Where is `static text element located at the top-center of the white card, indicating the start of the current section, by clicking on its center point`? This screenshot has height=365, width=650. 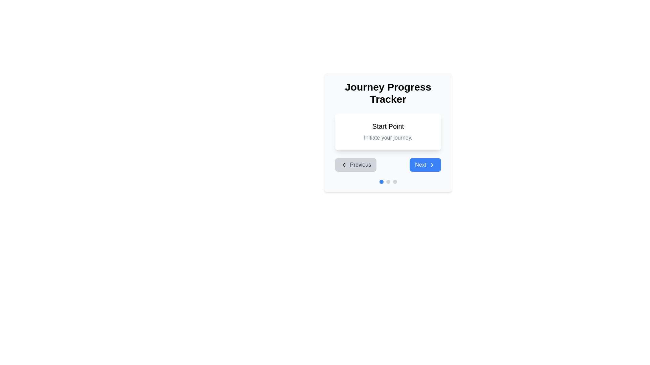 static text element located at the top-center of the white card, indicating the start of the current section, by clicking on its center point is located at coordinates (388, 126).